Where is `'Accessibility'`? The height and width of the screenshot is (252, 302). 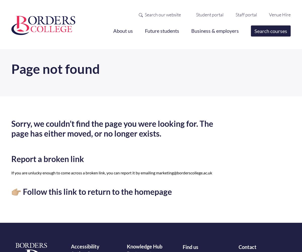 'Accessibility' is located at coordinates (71, 246).